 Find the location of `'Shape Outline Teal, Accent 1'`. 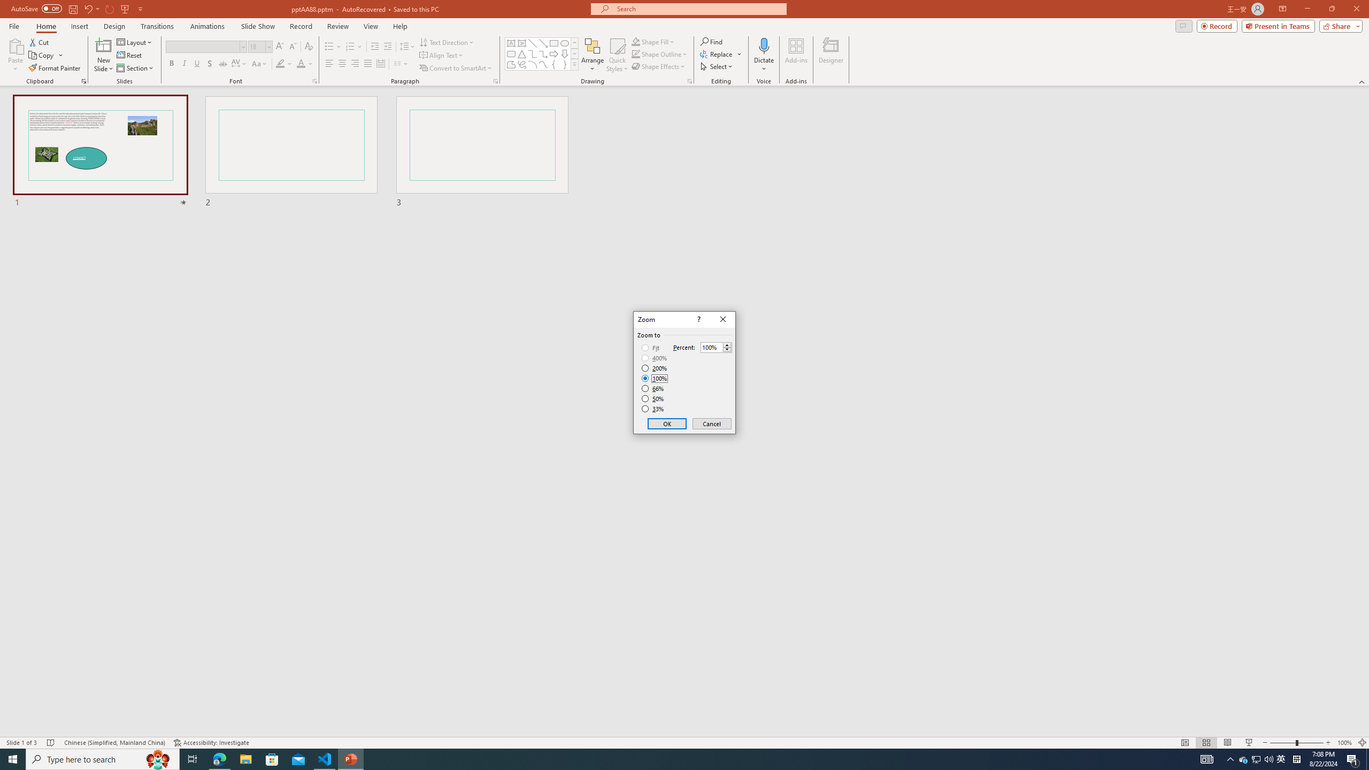

'Shape Outline Teal, Accent 1' is located at coordinates (636, 53).